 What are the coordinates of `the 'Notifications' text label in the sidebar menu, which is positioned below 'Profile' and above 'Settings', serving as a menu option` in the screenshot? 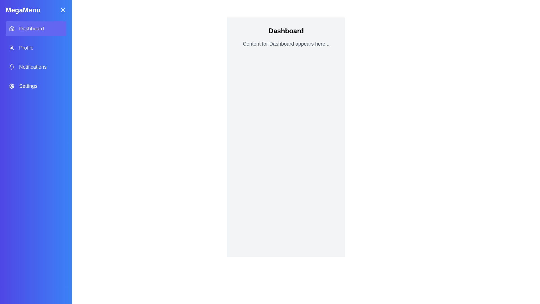 It's located at (32, 67).